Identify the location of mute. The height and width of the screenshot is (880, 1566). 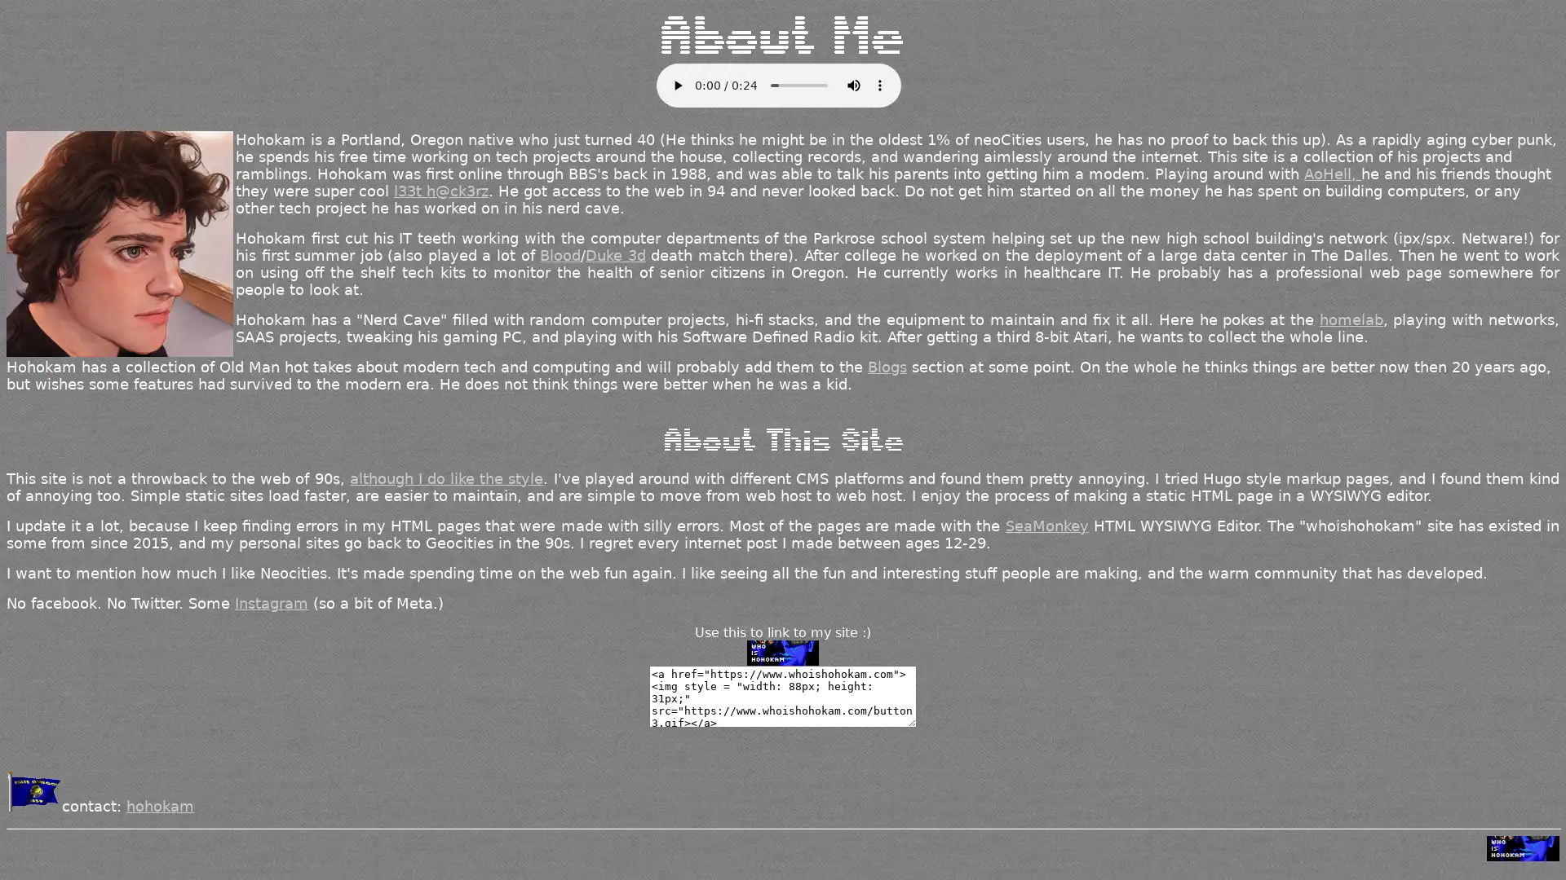
(852, 85).